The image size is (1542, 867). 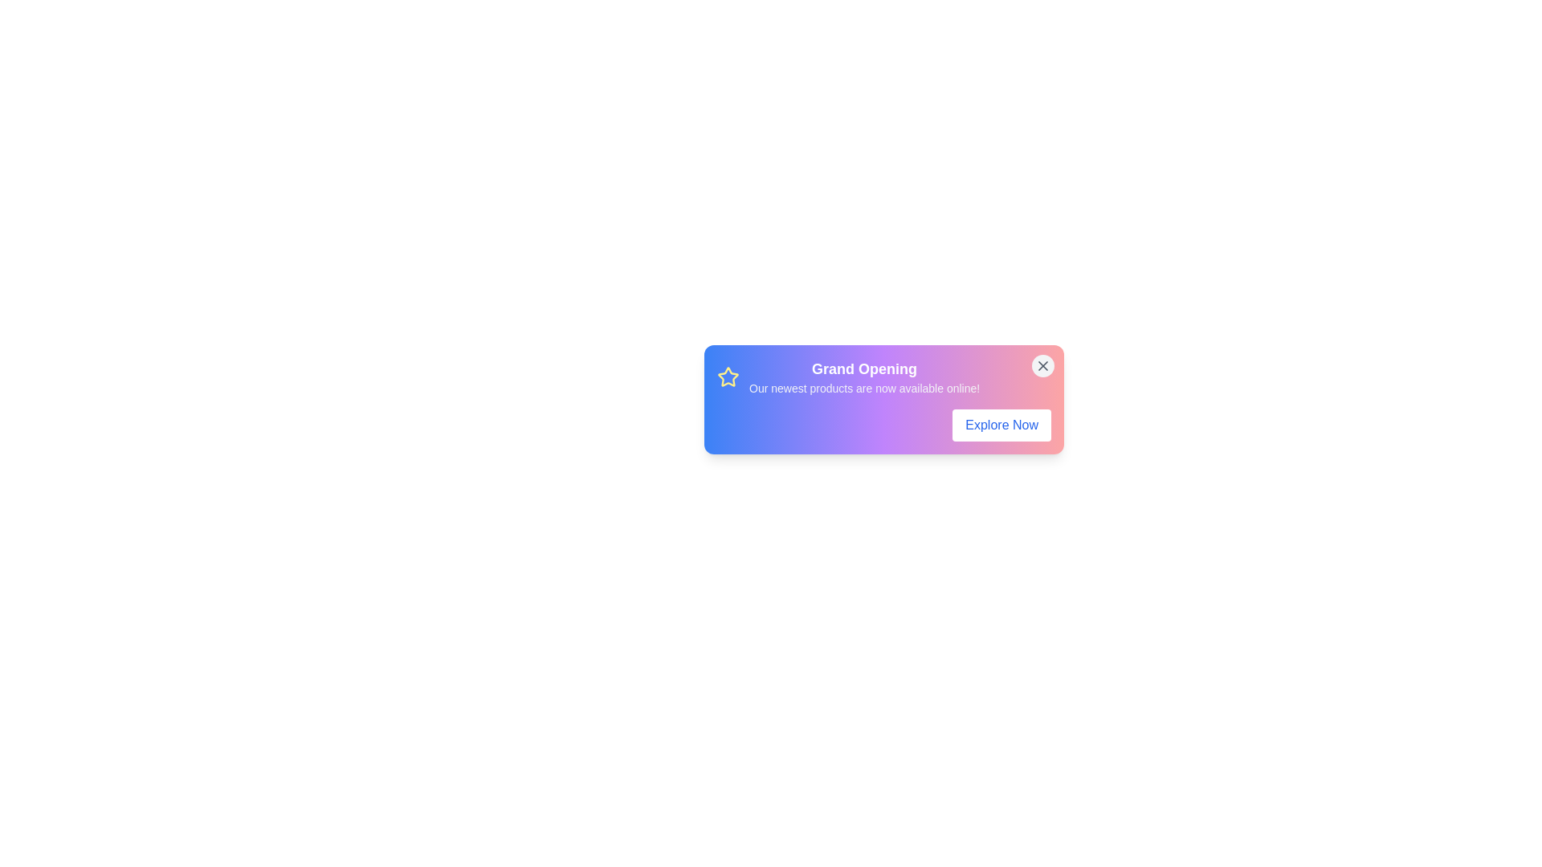 What do you see at coordinates (863, 368) in the screenshot?
I see `the prominent 'Grand Opening' static text element, which is styled with a bold, white font and located at the top of a card-like structure` at bounding box center [863, 368].